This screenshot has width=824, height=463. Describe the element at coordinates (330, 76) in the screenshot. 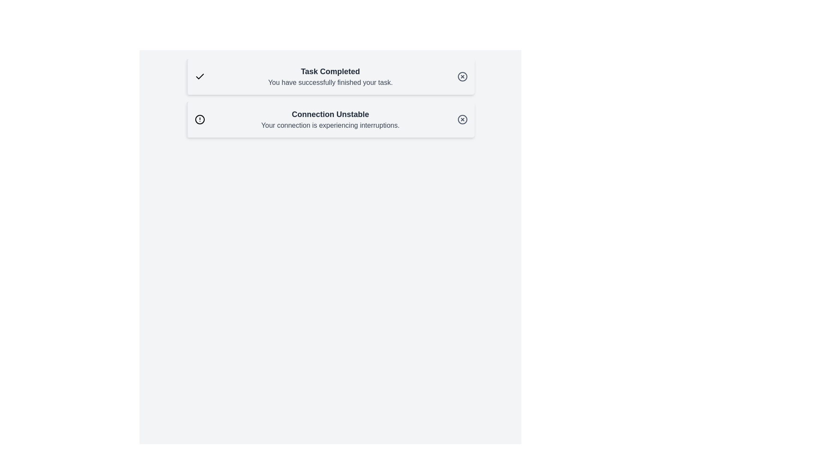

I see `the message displayed in the Notification Box, which indicates the successful completion of a task` at that location.